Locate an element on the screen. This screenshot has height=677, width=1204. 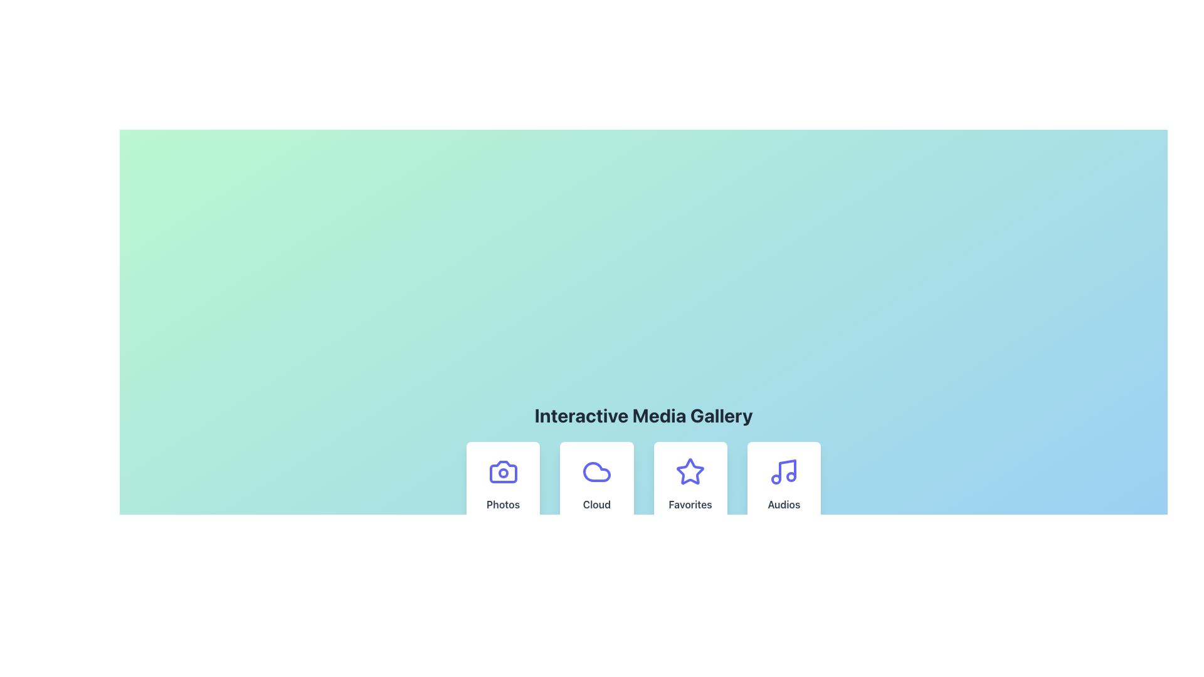
the visual design of the indigo camera icon located within the 'Photos' card in the 'Interactive Media Gallery' is located at coordinates (503, 471).